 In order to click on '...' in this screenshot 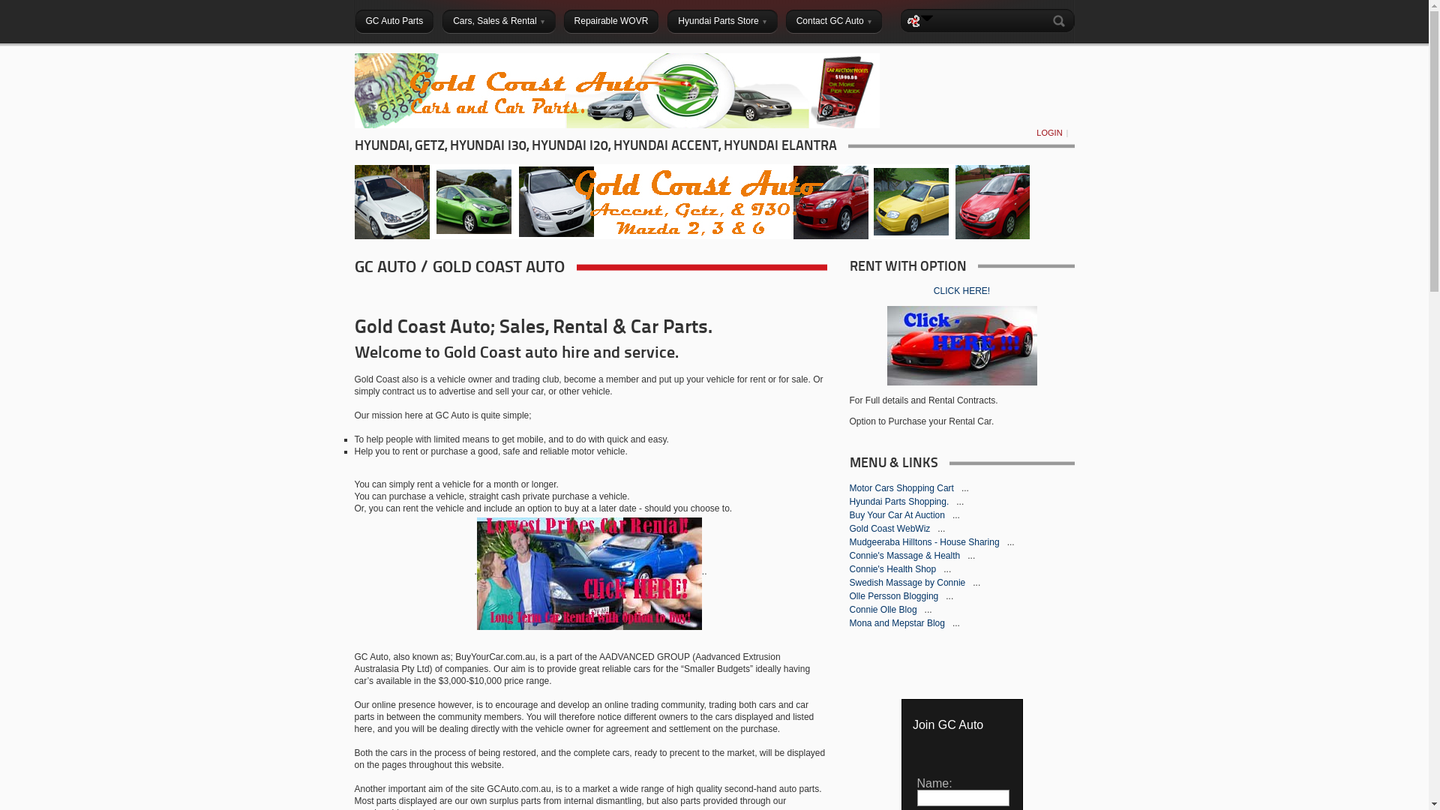, I will do `click(949, 595)`.